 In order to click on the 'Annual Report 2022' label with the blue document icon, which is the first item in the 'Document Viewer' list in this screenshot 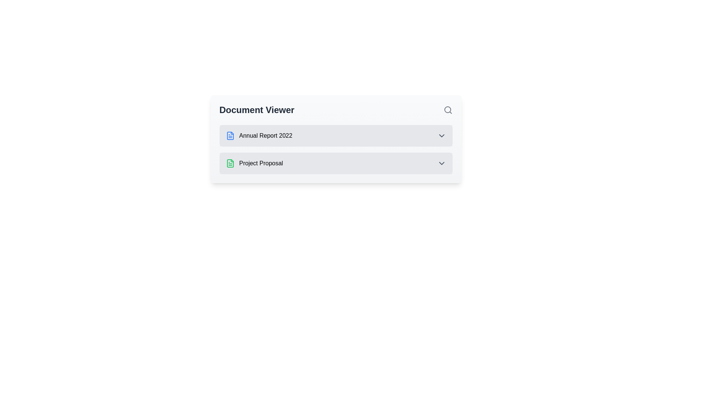, I will do `click(259, 135)`.